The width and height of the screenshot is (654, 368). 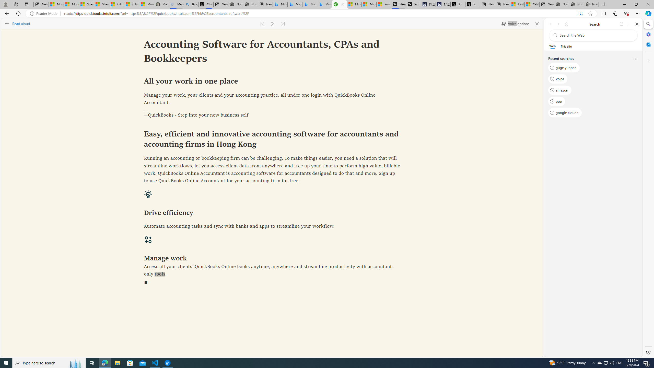 I want to click on 'Read next paragraph', so click(x=282, y=23).